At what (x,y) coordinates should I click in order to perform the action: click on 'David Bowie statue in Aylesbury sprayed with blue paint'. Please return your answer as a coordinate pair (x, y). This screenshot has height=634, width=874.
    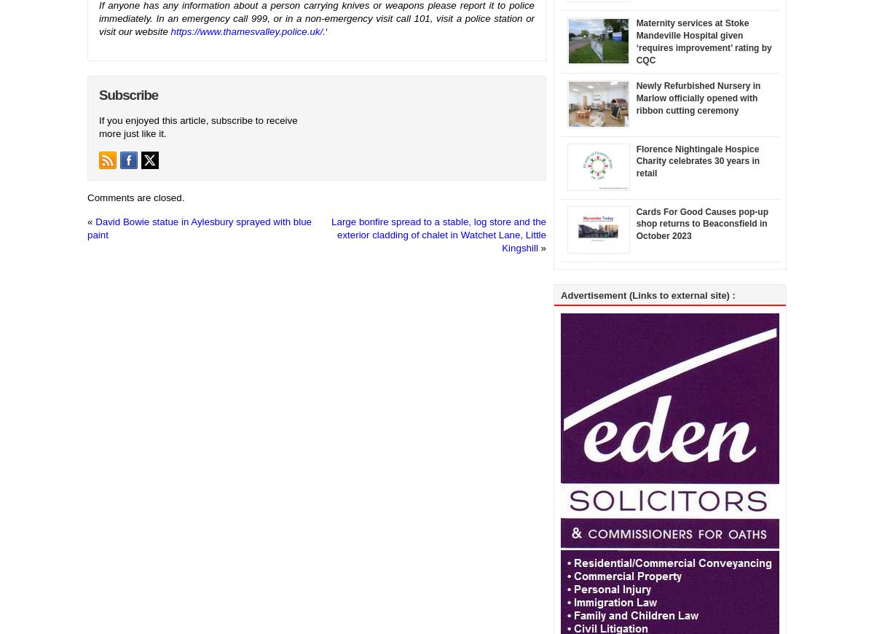
    Looking at the image, I should click on (198, 228).